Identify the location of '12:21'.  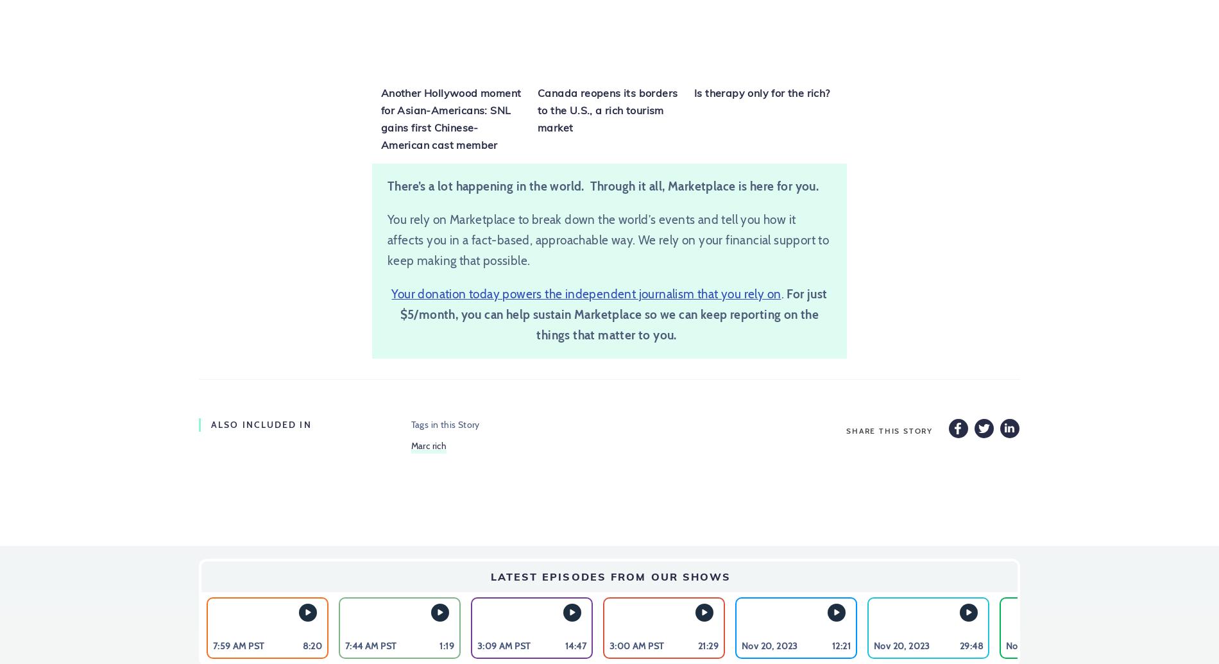
(840, 645).